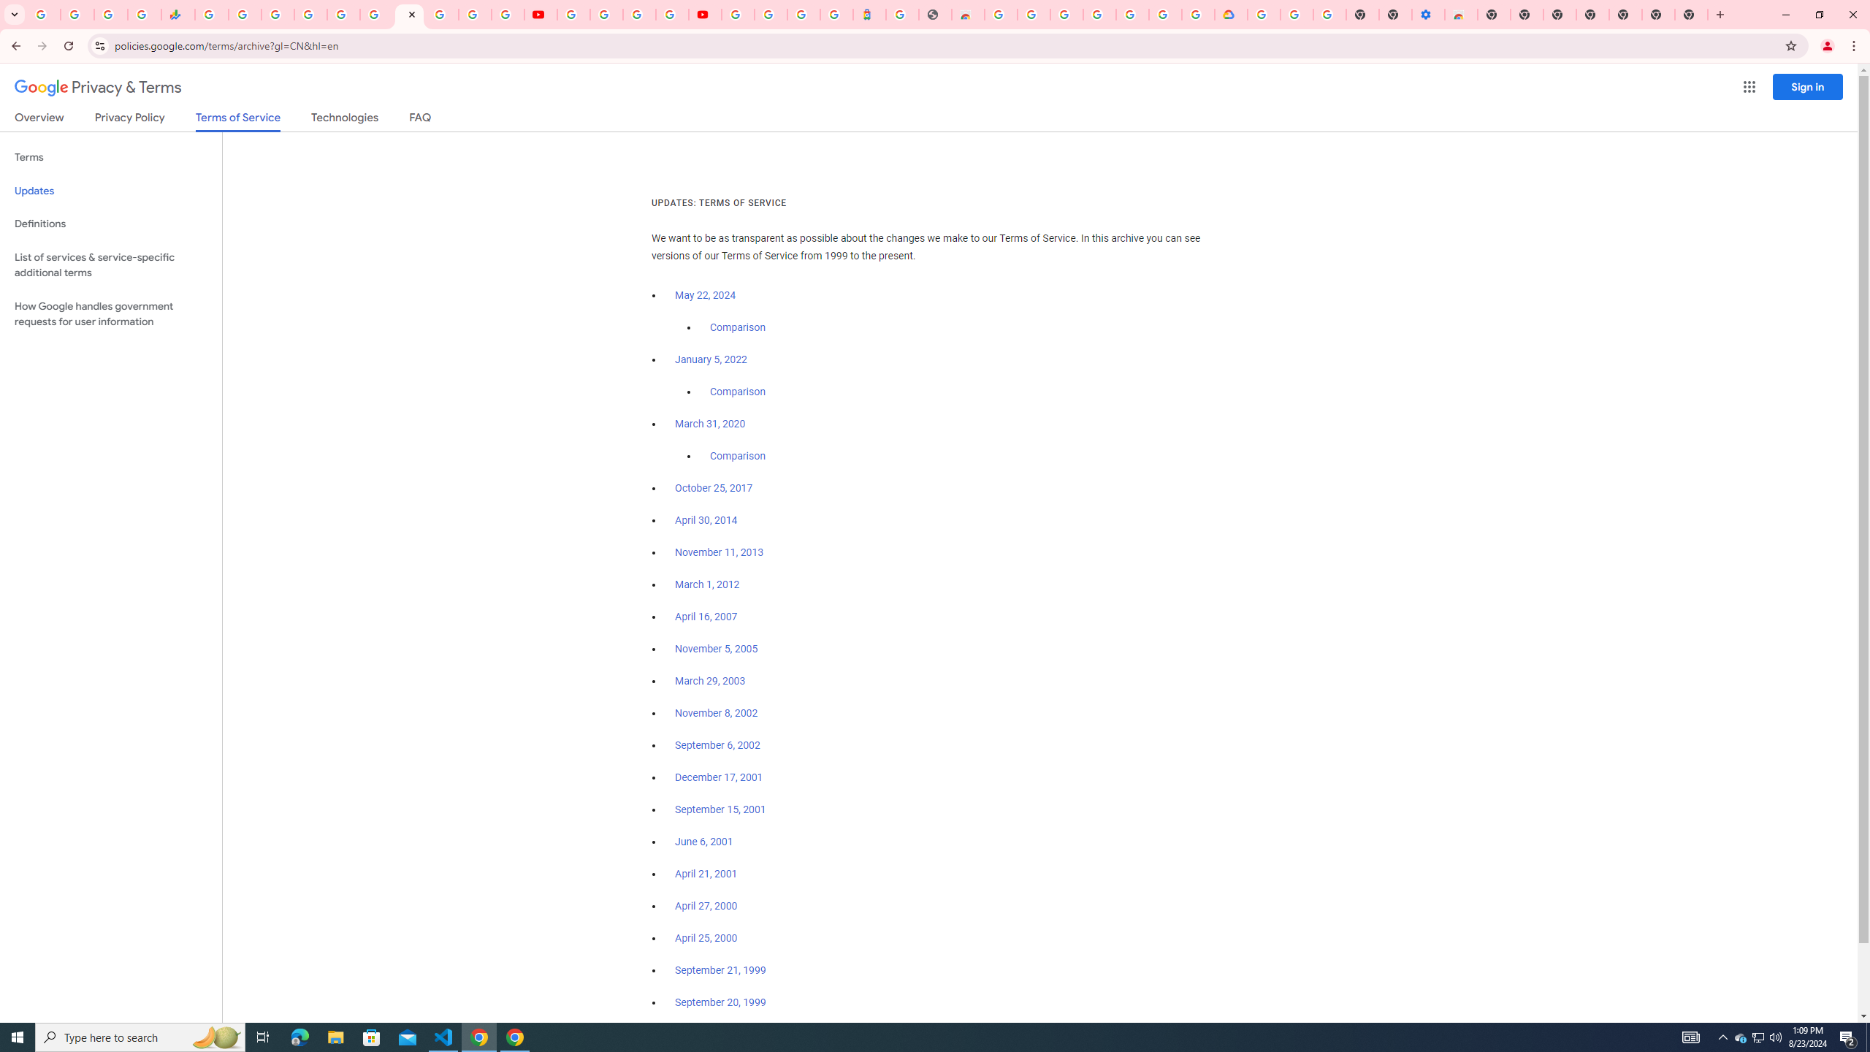  What do you see at coordinates (720, 1002) in the screenshot?
I see `'September 20, 1999'` at bounding box center [720, 1002].